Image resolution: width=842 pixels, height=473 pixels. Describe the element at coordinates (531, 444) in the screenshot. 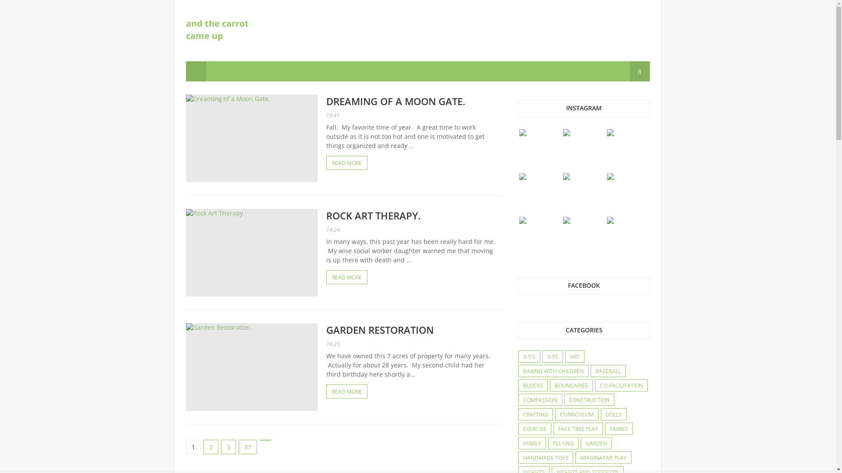

I see `'FAMILY'` at that location.